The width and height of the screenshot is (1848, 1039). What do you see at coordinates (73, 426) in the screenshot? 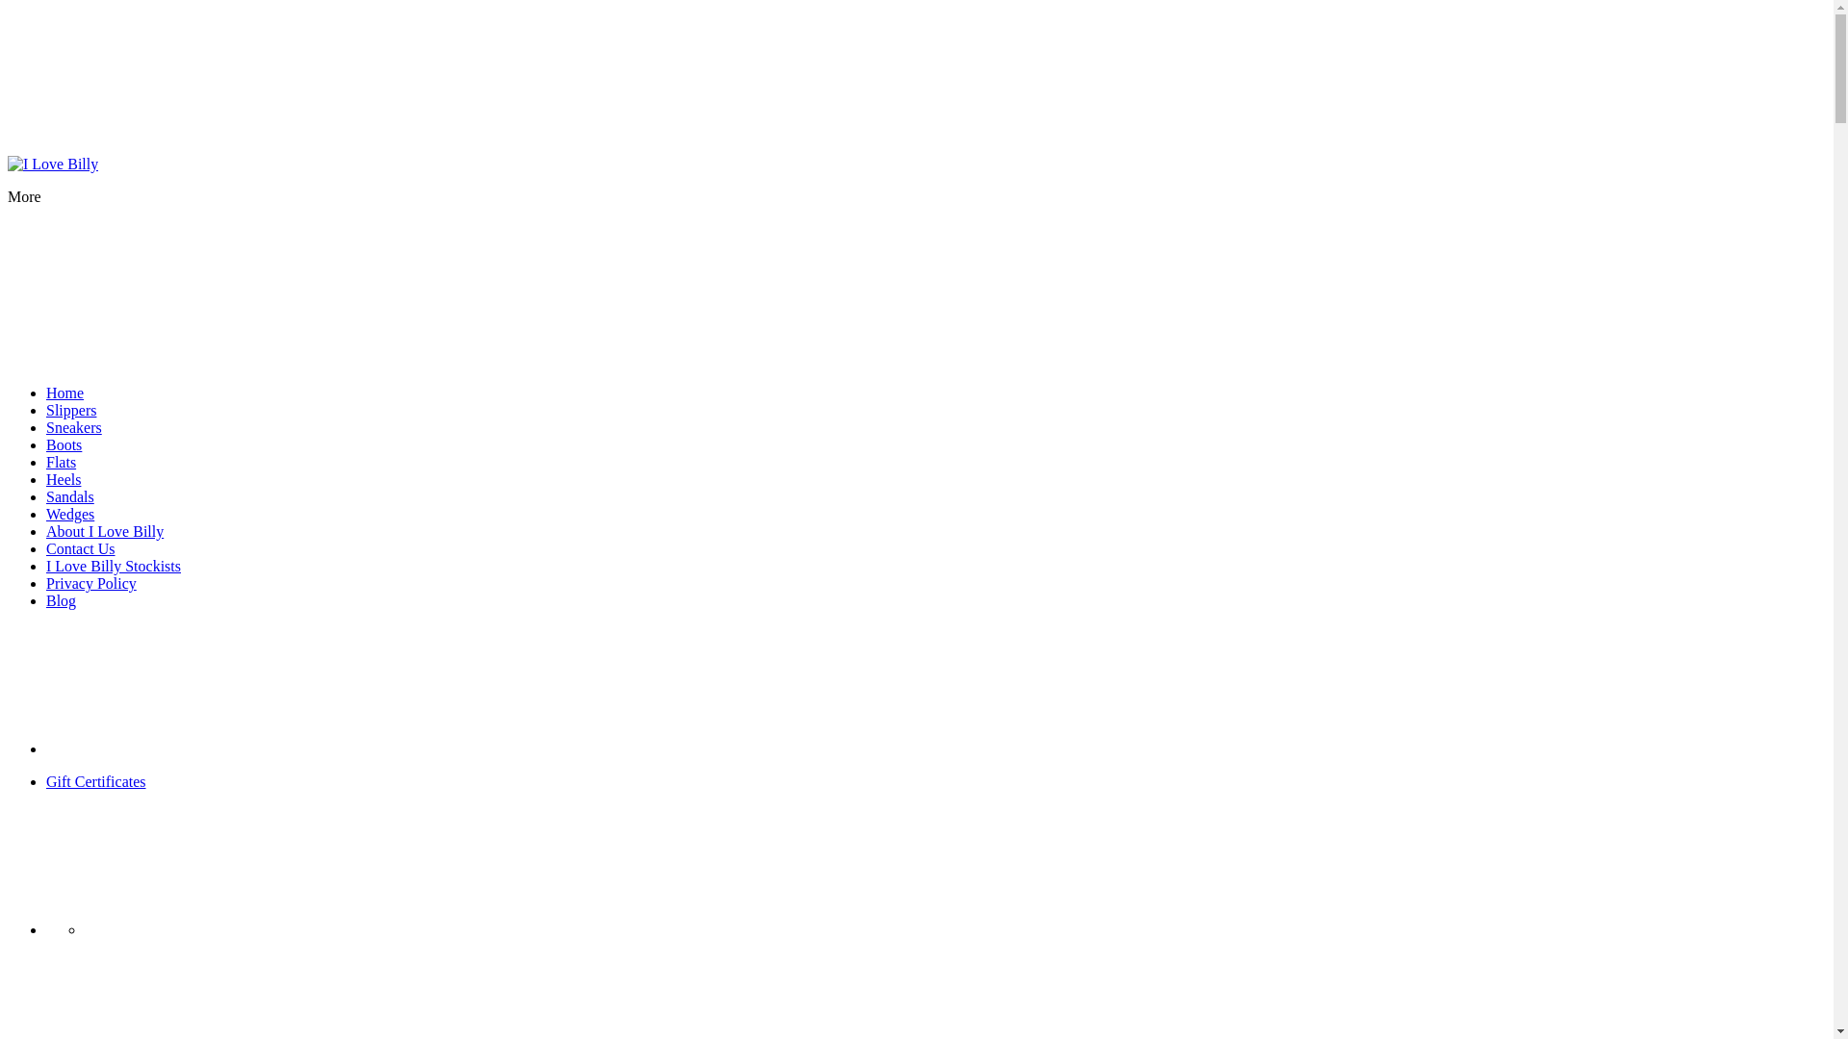
I see `'Sneakers'` at bounding box center [73, 426].